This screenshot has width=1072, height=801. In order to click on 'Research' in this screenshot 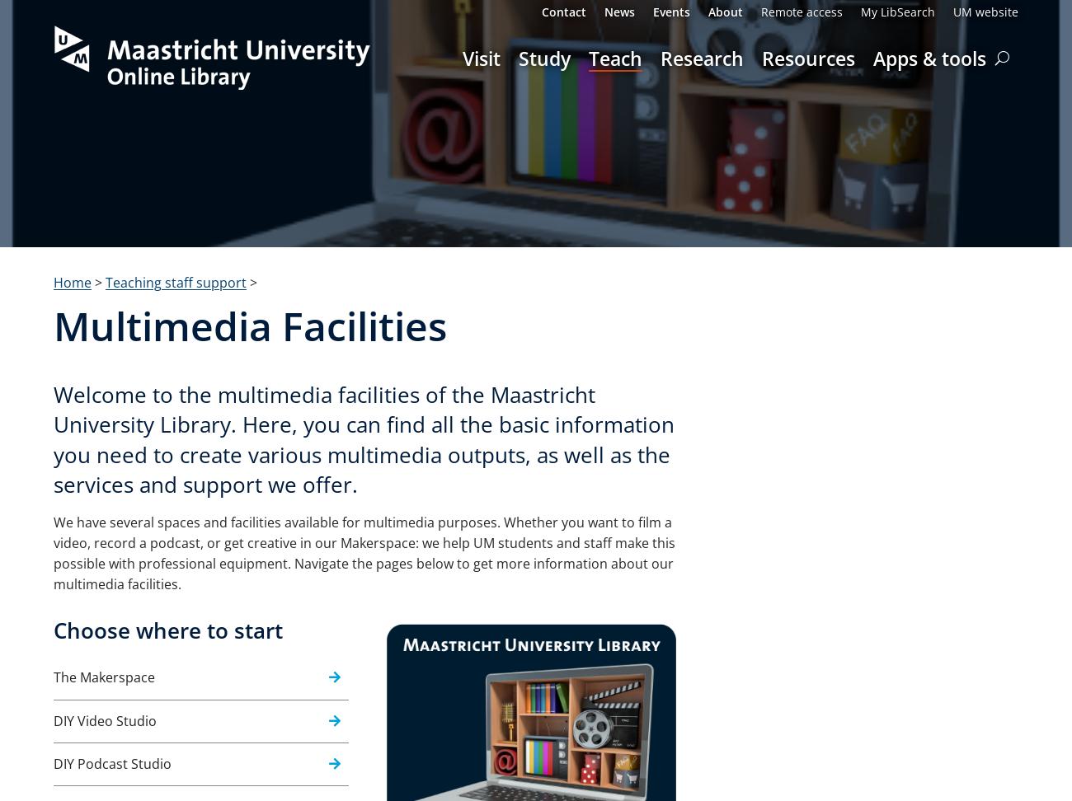, I will do `click(702, 56)`.